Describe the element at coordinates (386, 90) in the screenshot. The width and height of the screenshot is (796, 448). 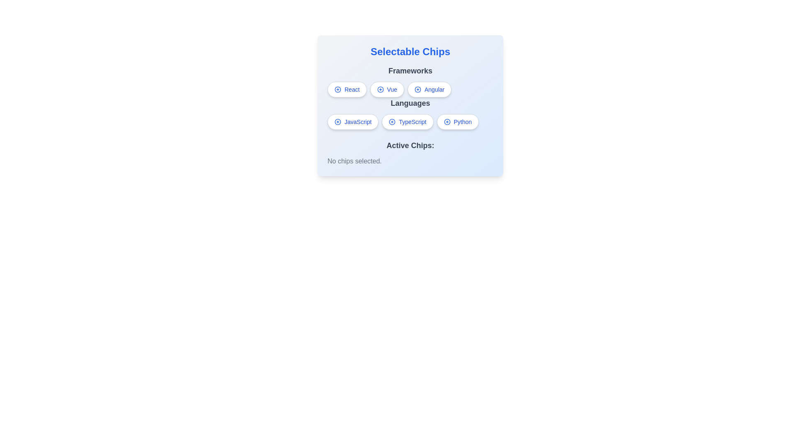
I see `the 'Vue' selectable chip button, which is the second button under the 'Frameworks' heading in the 'Selectable Chips' section` at that location.